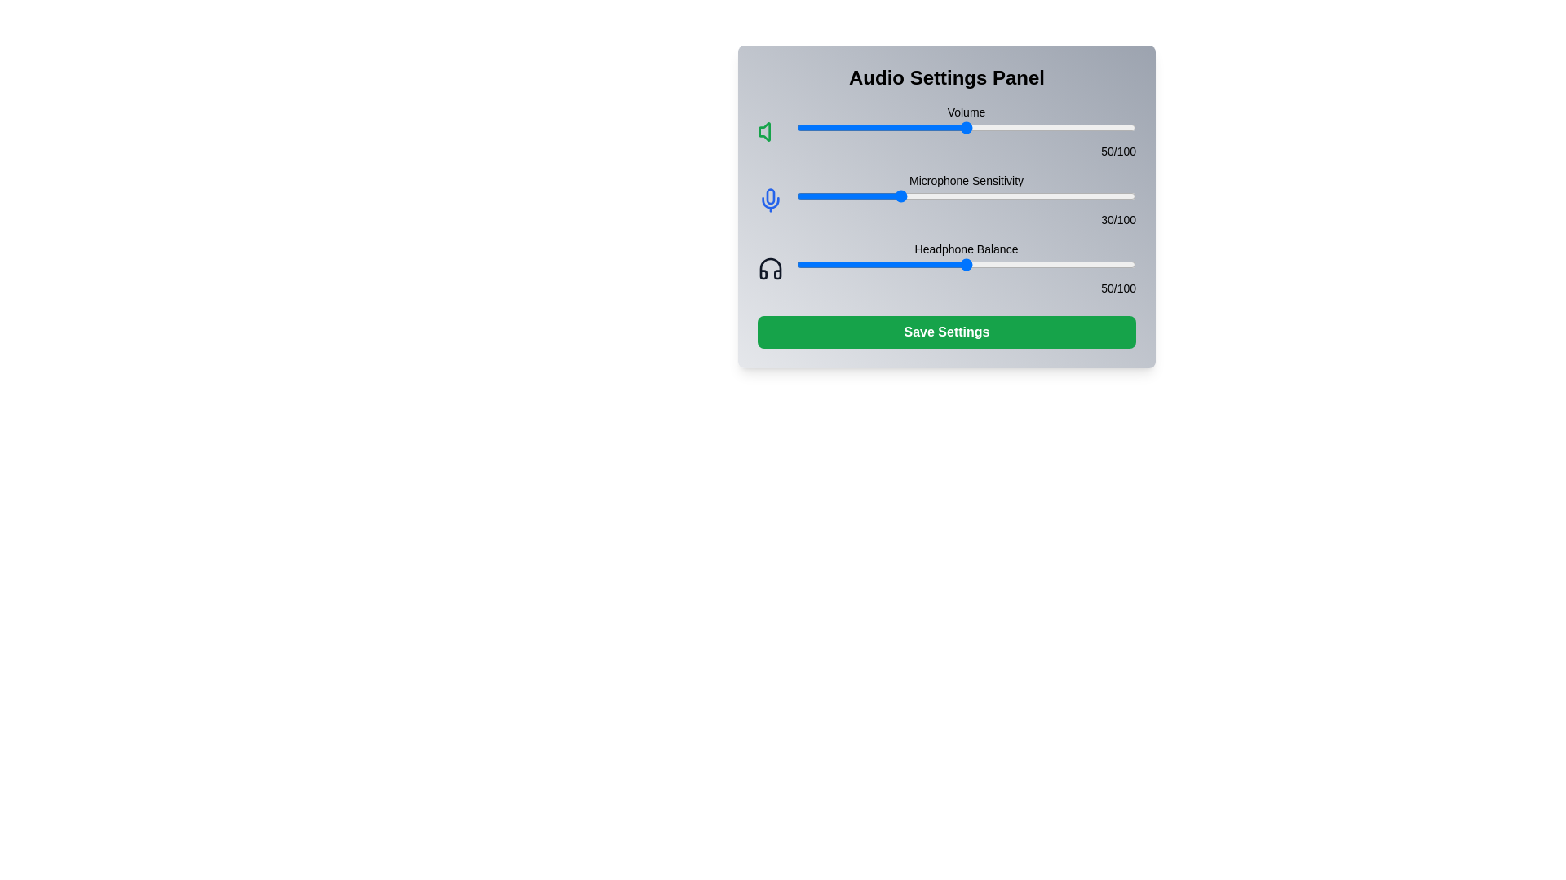 This screenshot has height=880, width=1566. Describe the element at coordinates (939, 195) in the screenshot. I see `microphone sensitivity` at that location.